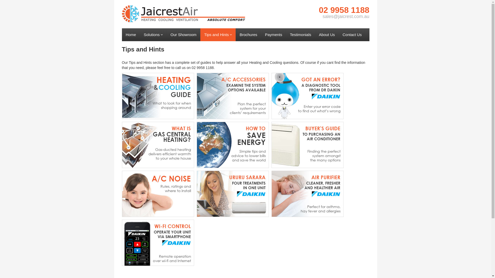 This screenshot has height=278, width=495. What do you see at coordinates (286, 35) in the screenshot?
I see `'Testimonials'` at bounding box center [286, 35].